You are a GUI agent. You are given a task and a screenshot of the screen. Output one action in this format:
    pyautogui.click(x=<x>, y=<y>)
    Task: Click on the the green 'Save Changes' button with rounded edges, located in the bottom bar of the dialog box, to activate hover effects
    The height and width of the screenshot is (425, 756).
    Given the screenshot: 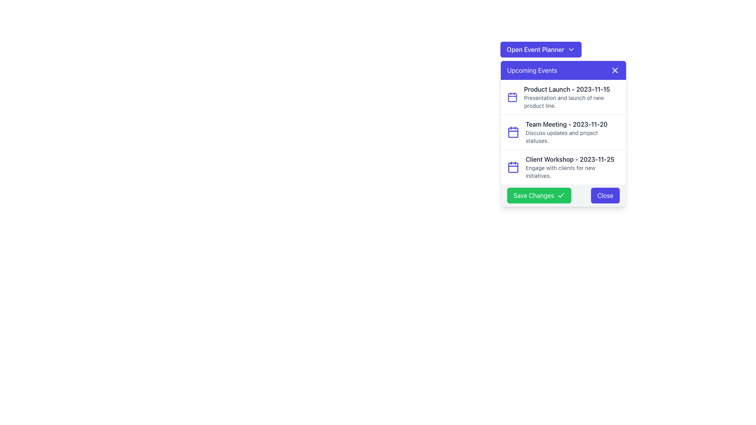 What is the action you would take?
    pyautogui.click(x=539, y=195)
    